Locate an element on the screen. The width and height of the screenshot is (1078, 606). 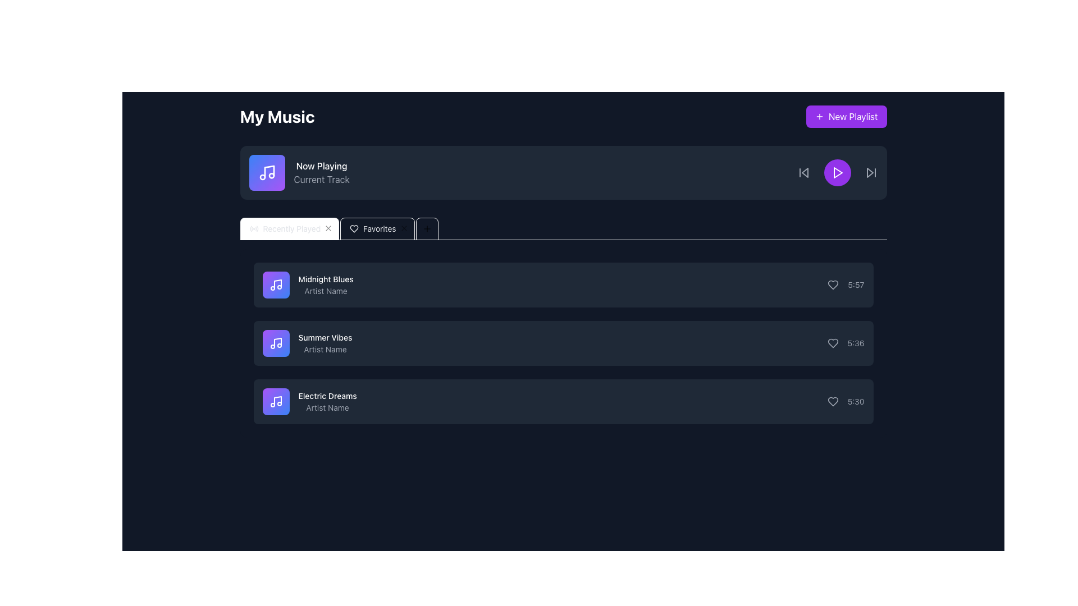
the filter button that displays or highlights 'Favorites' in the list of tracks, located between the 'Recently Played' button and the '+' button, directly below the 'Now Playing' section is located at coordinates (354, 228).